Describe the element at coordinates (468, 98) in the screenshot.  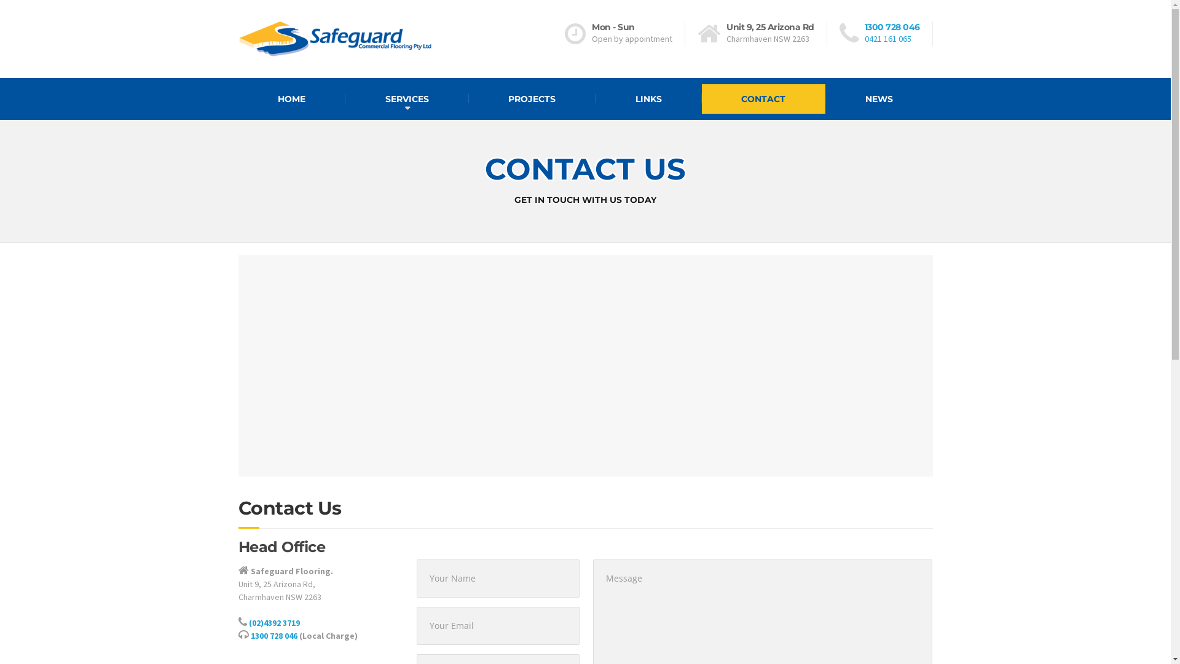
I see `'PROJECTS'` at that location.